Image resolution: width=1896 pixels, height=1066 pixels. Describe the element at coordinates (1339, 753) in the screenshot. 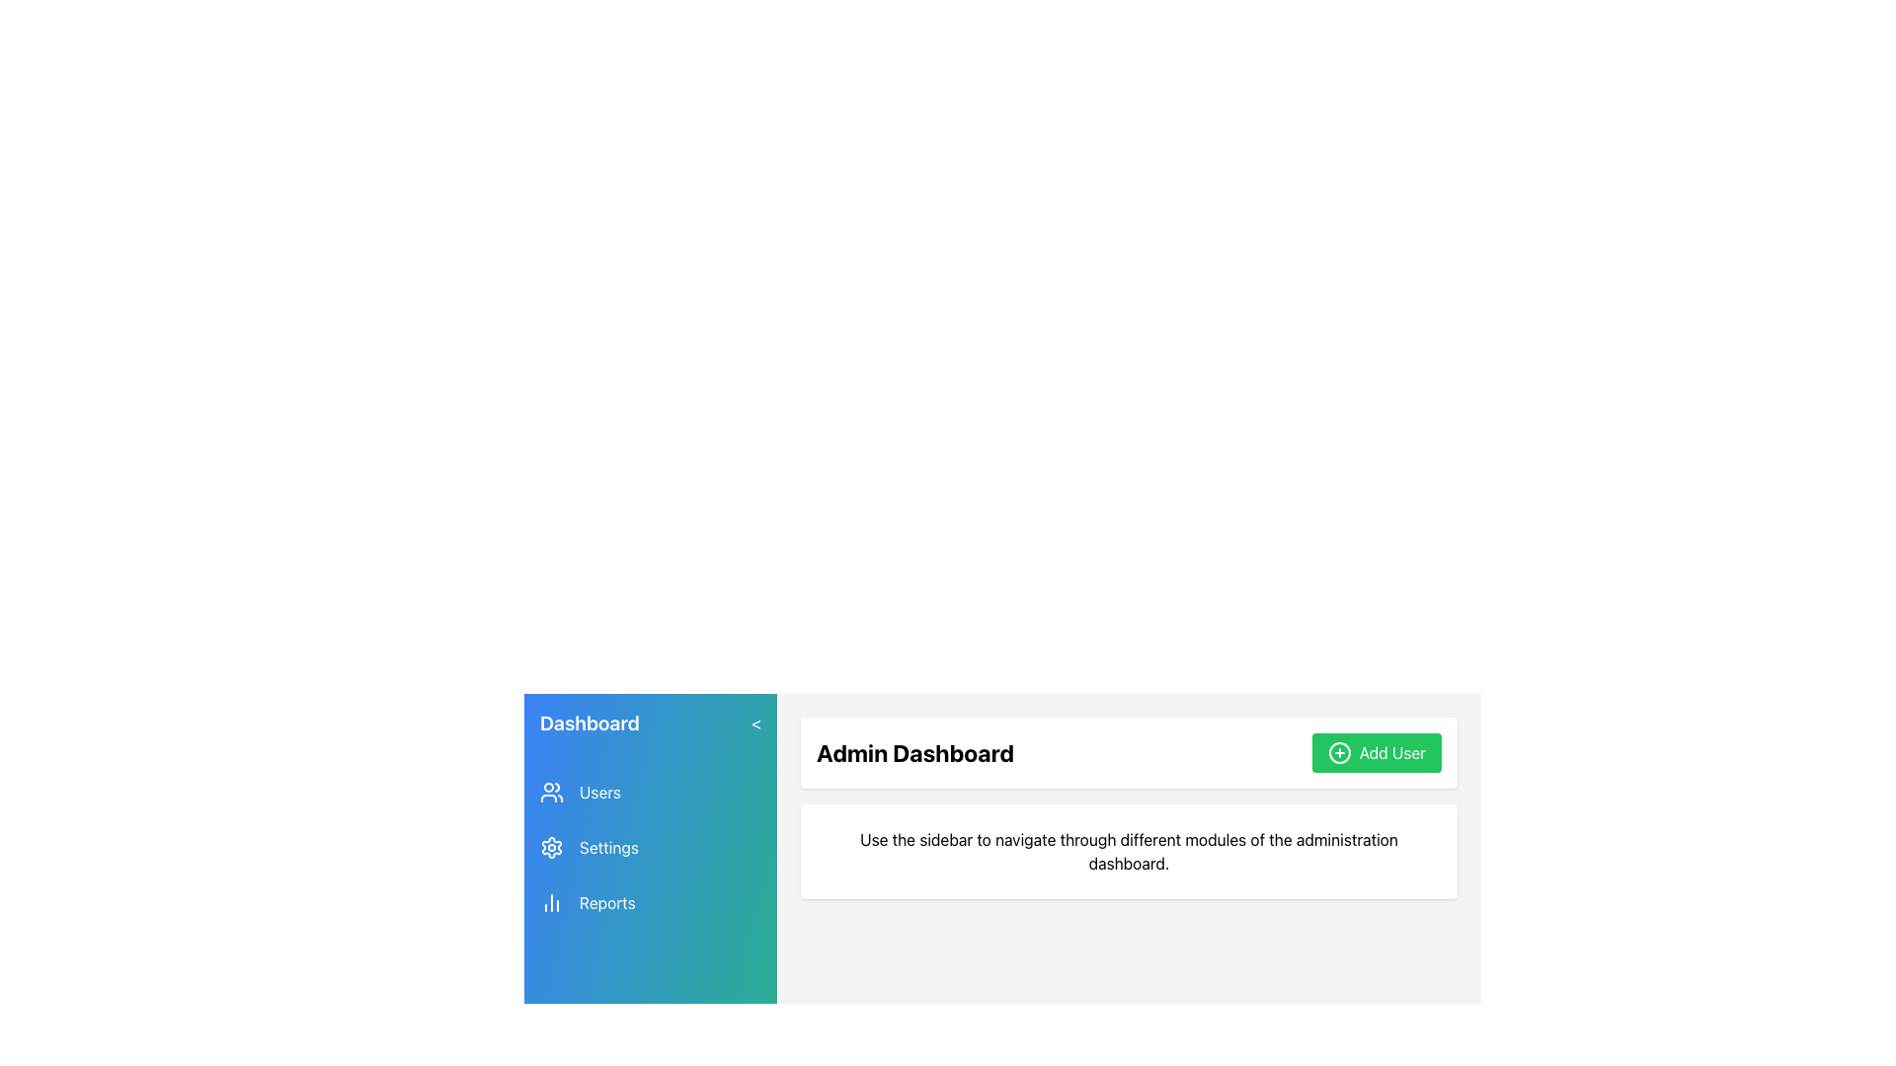

I see `the 'Add User' button located in the top-right area of the main content section` at that location.